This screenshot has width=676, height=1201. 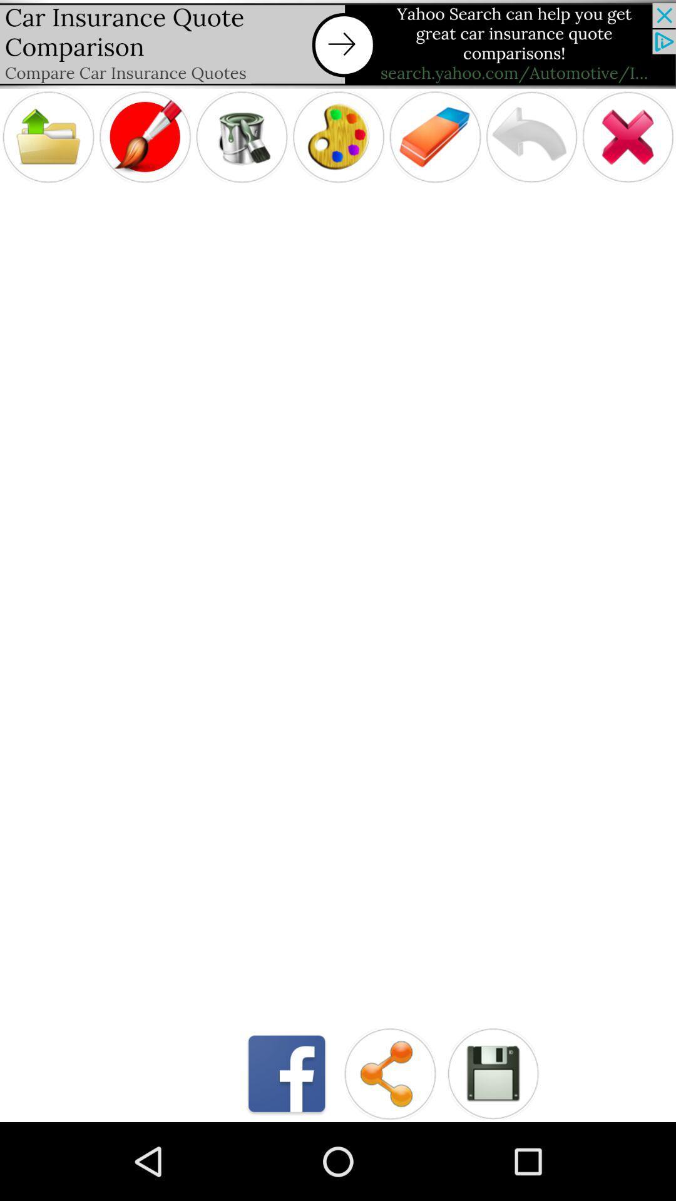 What do you see at coordinates (389, 1073) in the screenshot?
I see `share` at bounding box center [389, 1073].